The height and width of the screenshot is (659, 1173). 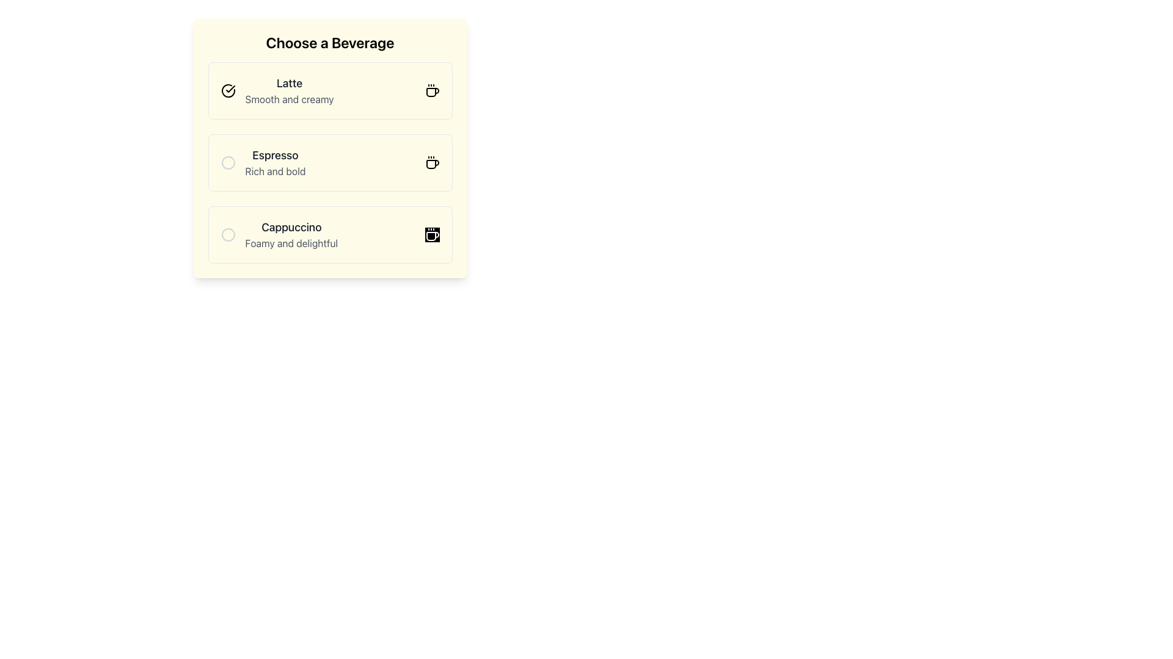 What do you see at coordinates (228, 235) in the screenshot?
I see `the circular radio button for the 'Cappuccino' option in the beverage selection list, which is aligned to the far left of this option` at bounding box center [228, 235].